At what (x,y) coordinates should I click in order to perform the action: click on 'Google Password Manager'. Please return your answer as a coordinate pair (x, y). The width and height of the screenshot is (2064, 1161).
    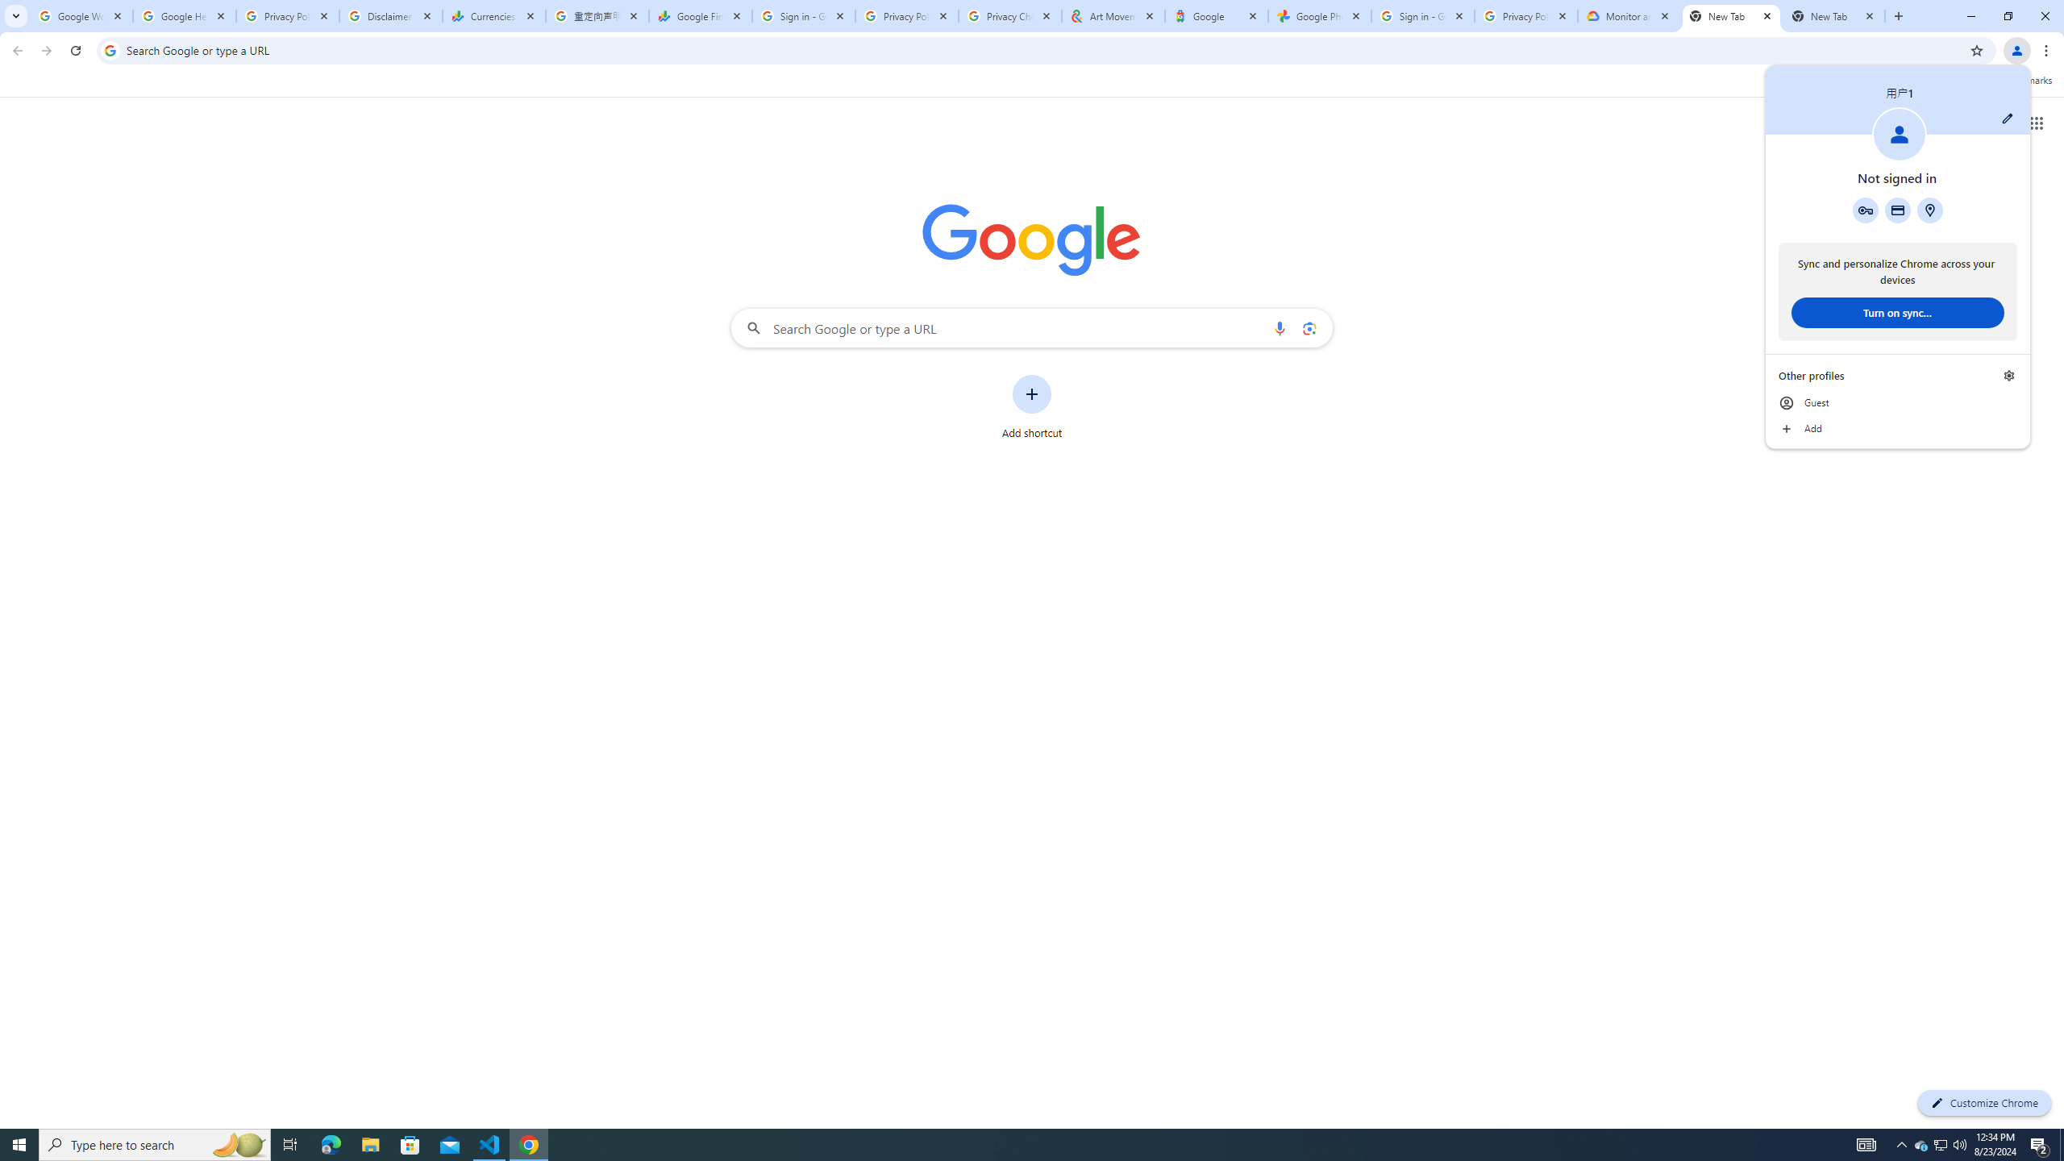
    Looking at the image, I should click on (1866, 210).